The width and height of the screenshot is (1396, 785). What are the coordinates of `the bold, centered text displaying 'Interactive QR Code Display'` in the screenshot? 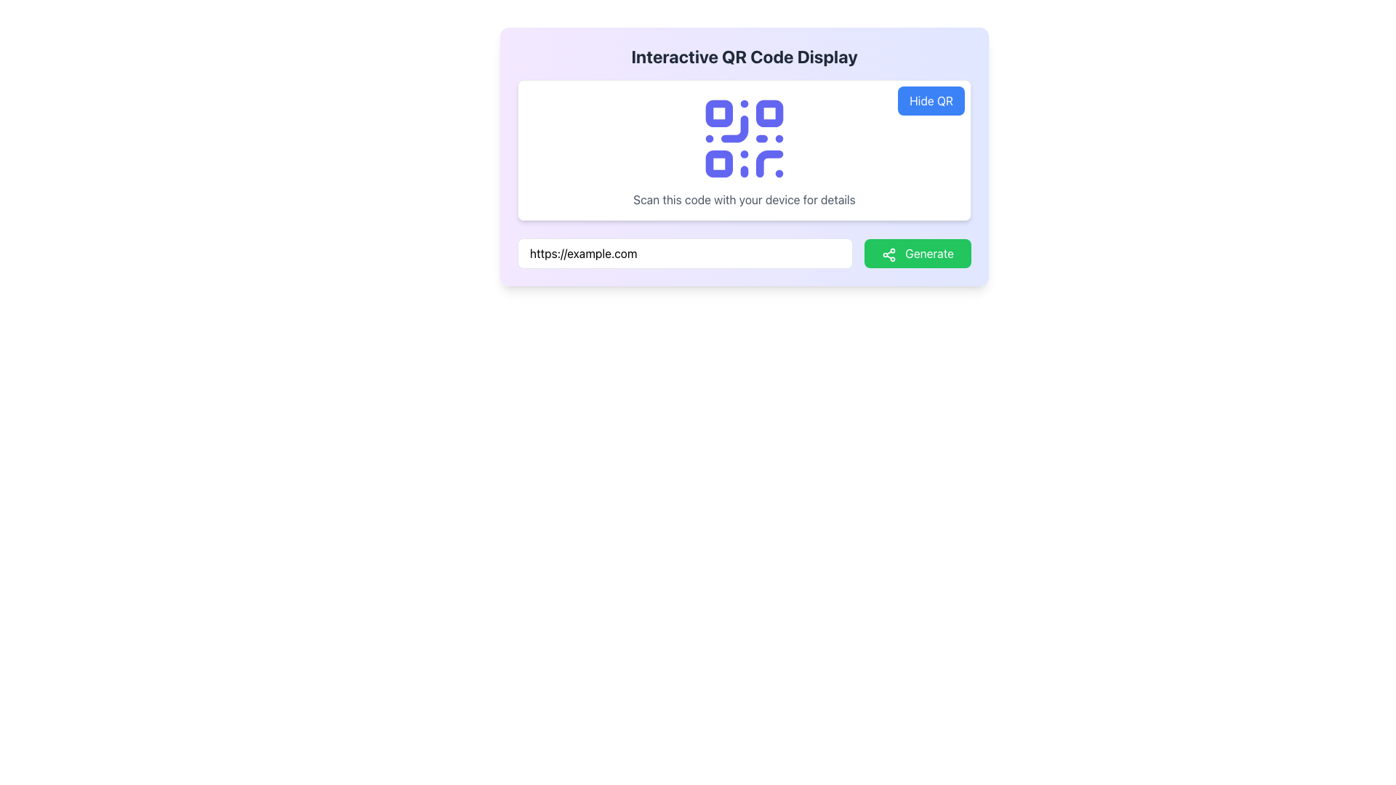 It's located at (744, 55).